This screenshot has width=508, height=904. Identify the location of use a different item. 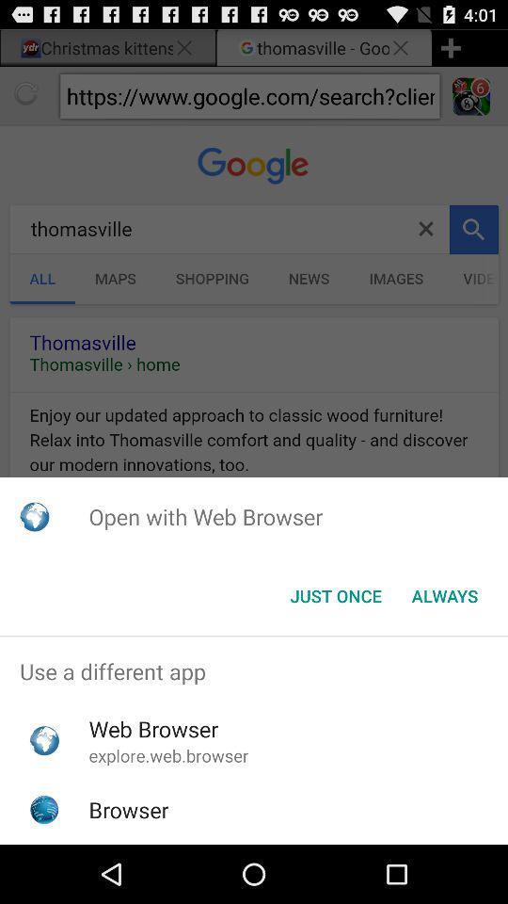
(254, 671).